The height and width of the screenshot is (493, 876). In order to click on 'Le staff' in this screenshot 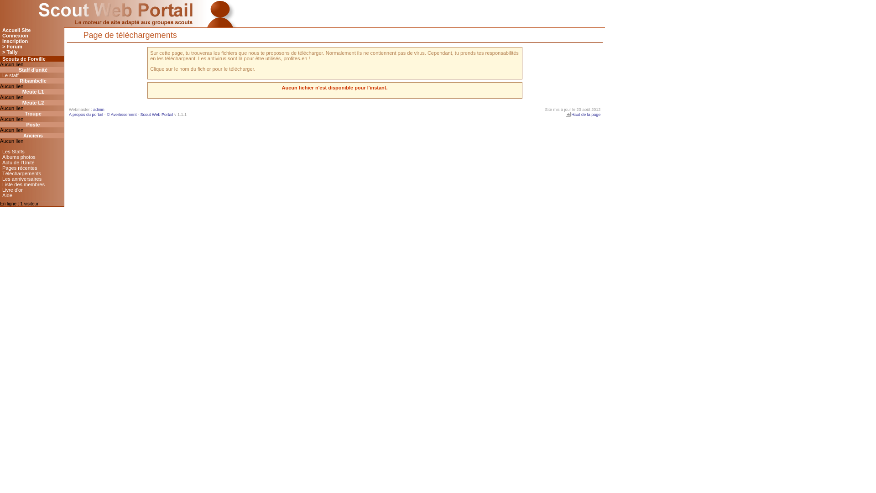, I will do `click(32, 75)`.